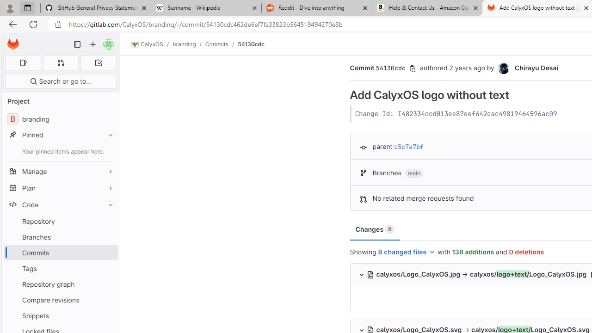 The height and width of the screenshot is (333, 592). I want to click on 'Repository graph', so click(60, 284).